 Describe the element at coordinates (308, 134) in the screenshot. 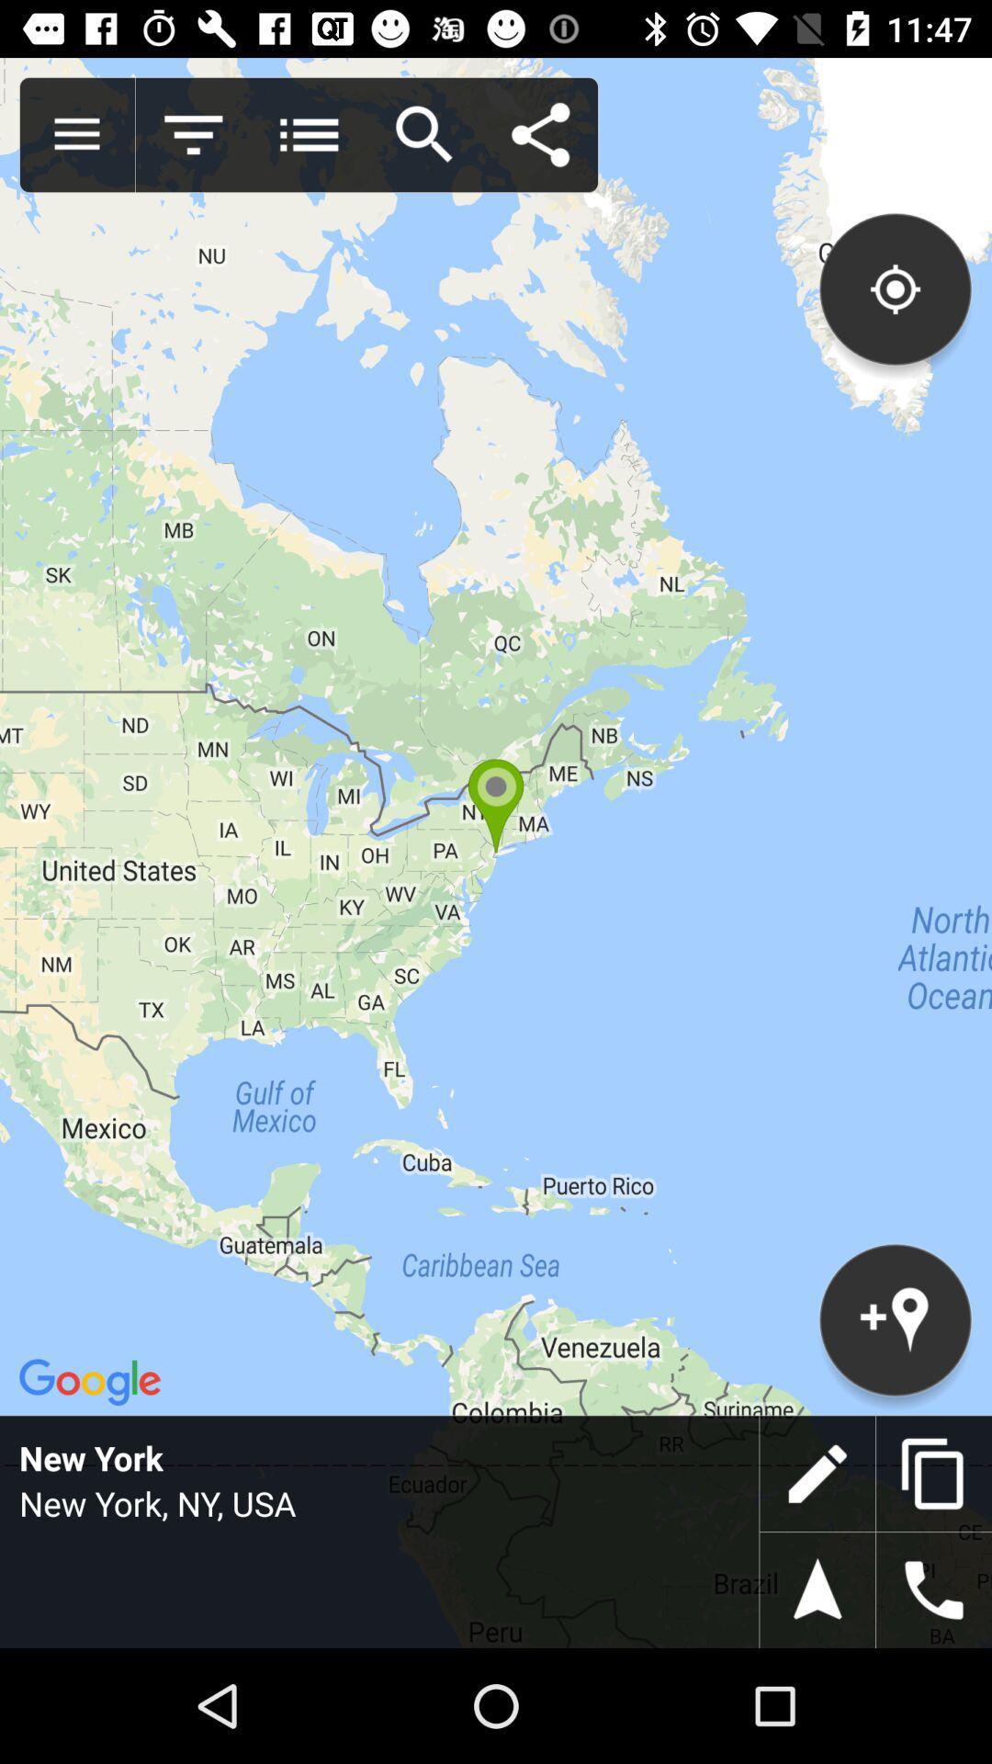

I see `option button` at that location.